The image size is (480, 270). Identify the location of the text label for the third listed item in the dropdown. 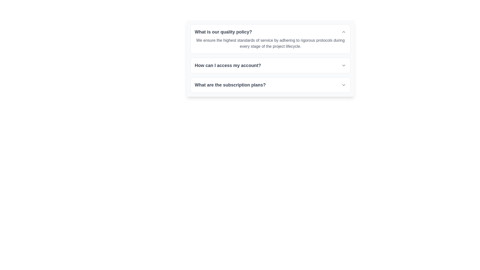
(230, 84).